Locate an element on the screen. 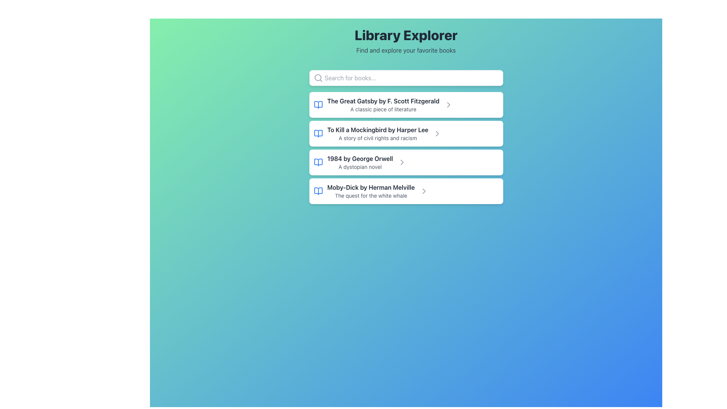  the right-pointing chevron icon button located to the far right of the fourth item in the list for 'Moby-Dick by Herman Melville' is located at coordinates (423, 191).